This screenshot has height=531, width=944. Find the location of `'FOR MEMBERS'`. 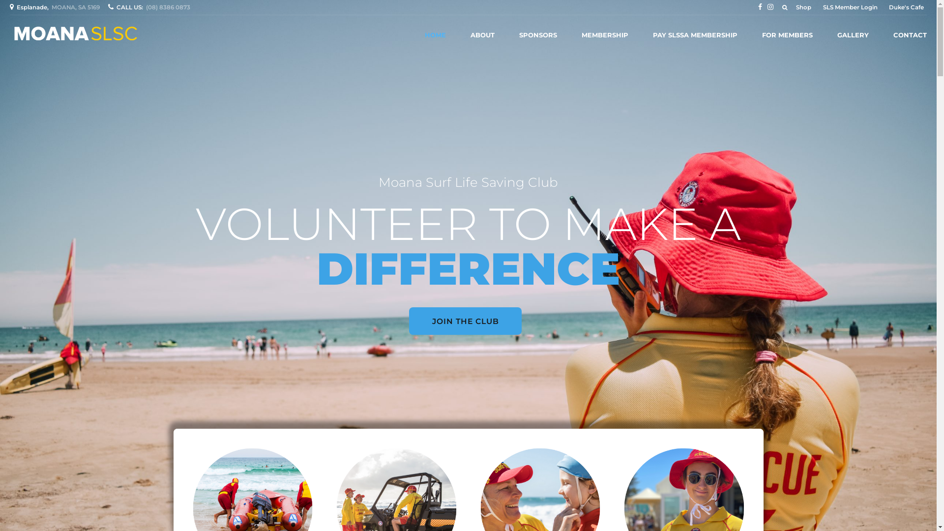

'FOR MEMBERS' is located at coordinates (787, 34).